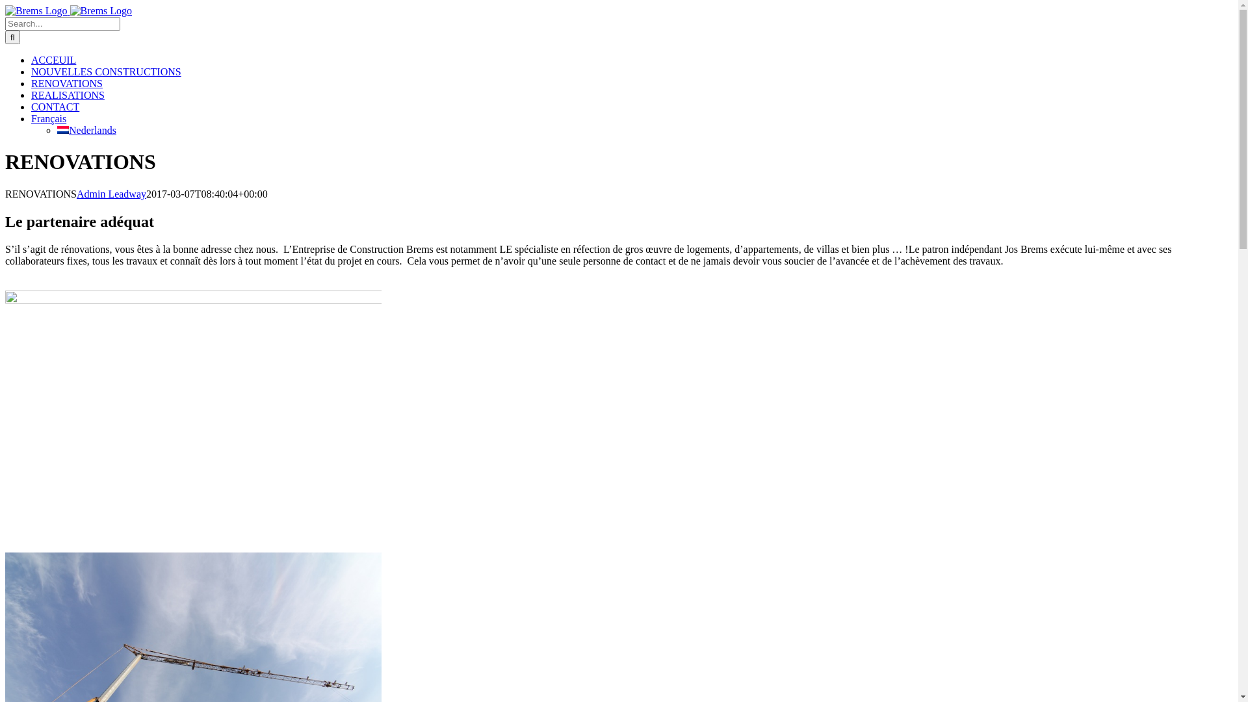 The image size is (1248, 702). What do you see at coordinates (53, 60) in the screenshot?
I see `'ACCEUIL'` at bounding box center [53, 60].